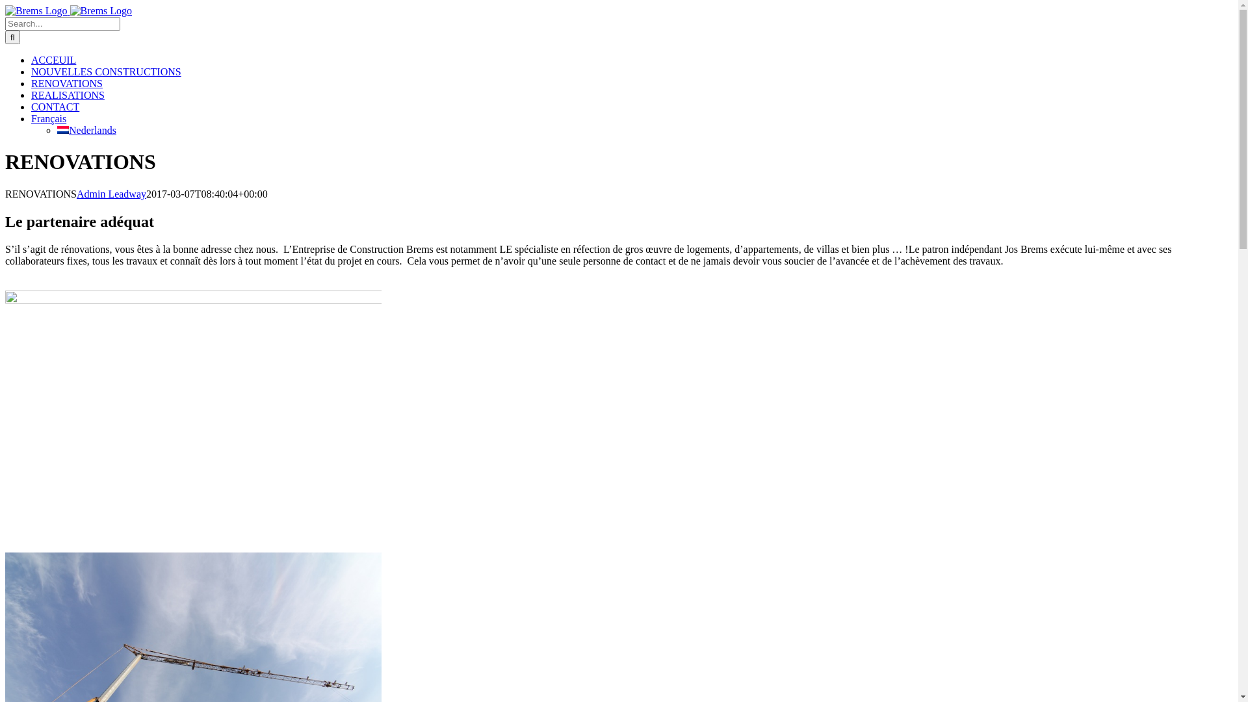 The image size is (1248, 702). What do you see at coordinates (53, 60) in the screenshot?
I see `'ACCEUIL'` at bounding box center [53, 60].